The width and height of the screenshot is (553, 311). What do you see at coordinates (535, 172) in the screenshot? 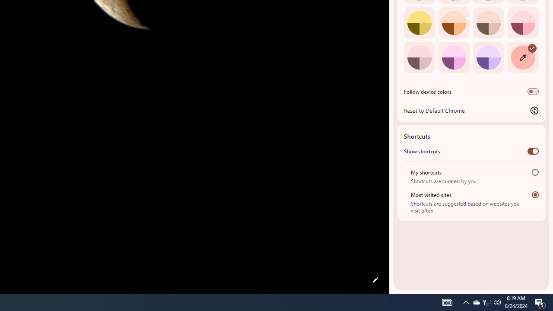
I see `'My shortcuts'` at bounding box center [535, 172].